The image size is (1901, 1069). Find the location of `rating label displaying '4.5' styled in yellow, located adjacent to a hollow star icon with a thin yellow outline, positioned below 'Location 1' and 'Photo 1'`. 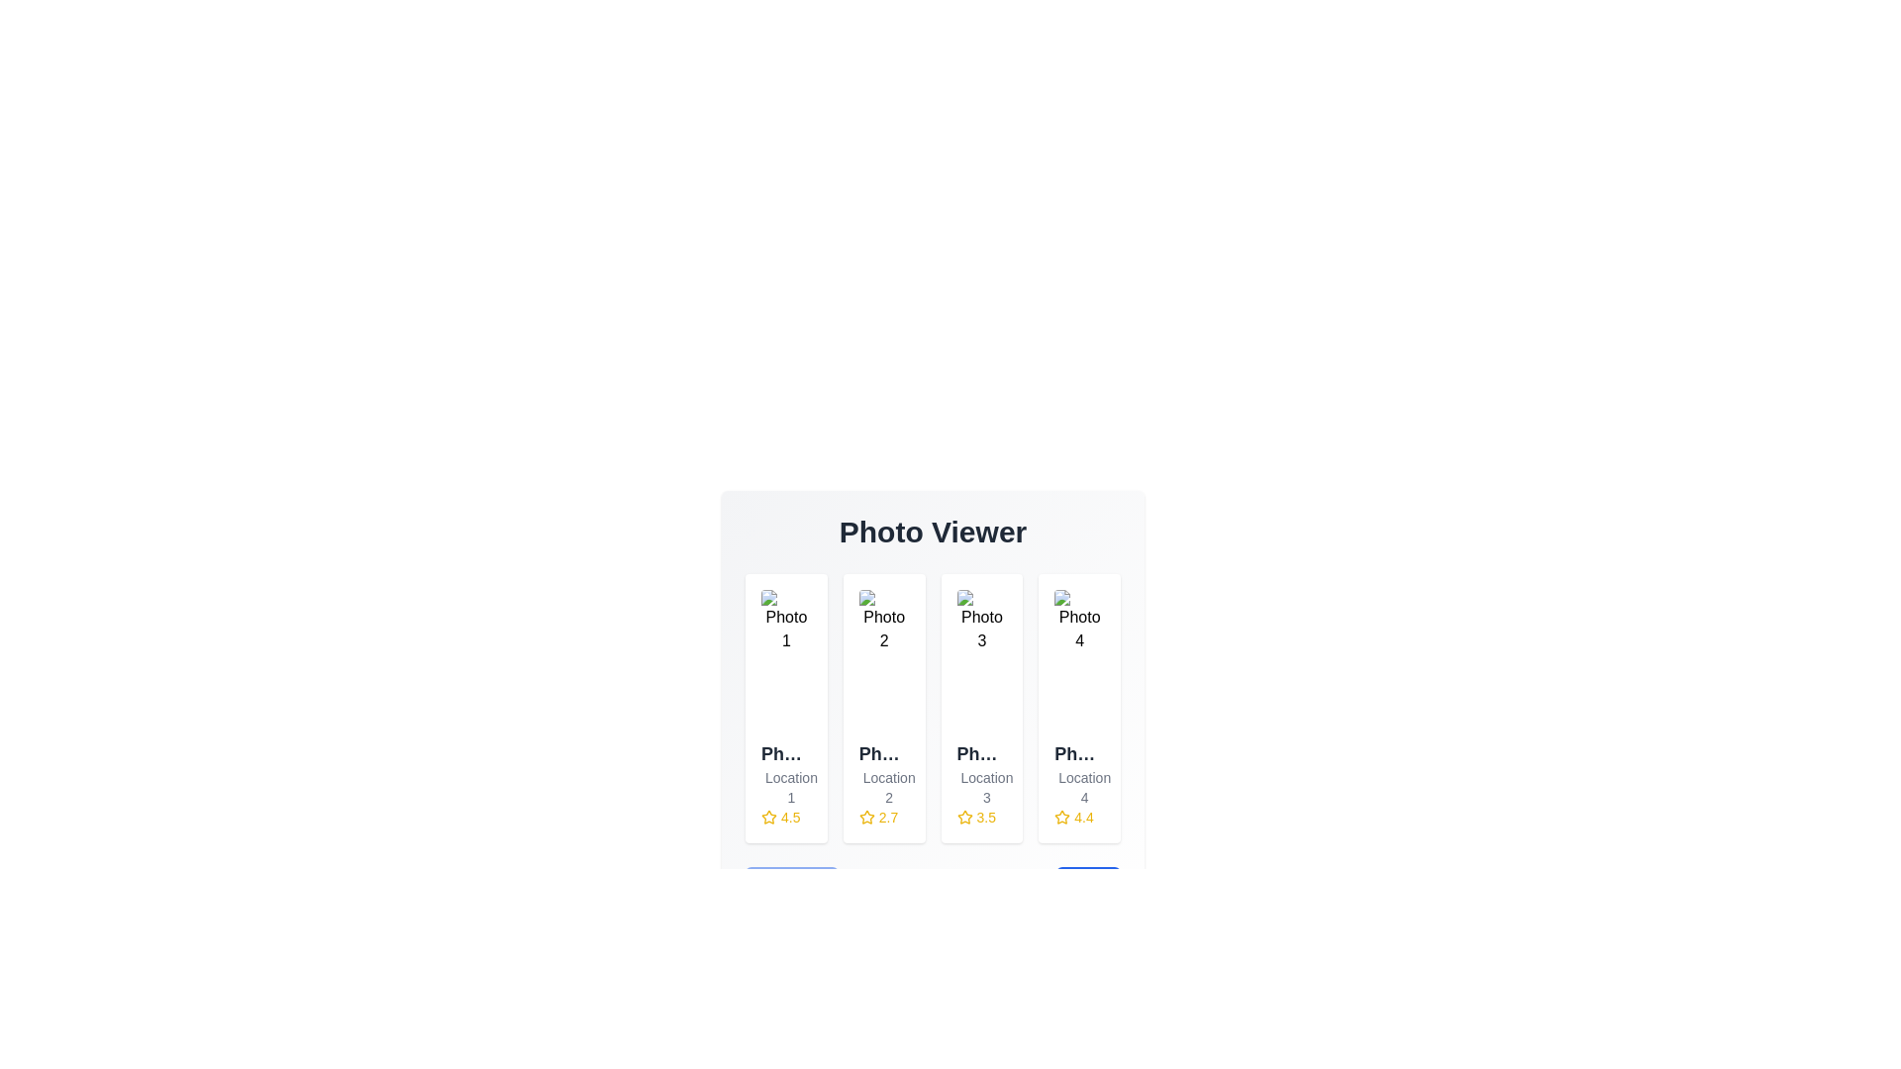

rating label displaying '4.5' styled in yellow, located adjacent to a hollow star icon with a thin yellow outline, positioned below 'Location 1' and 'Photo 1' is located at coordinates (785, 817).